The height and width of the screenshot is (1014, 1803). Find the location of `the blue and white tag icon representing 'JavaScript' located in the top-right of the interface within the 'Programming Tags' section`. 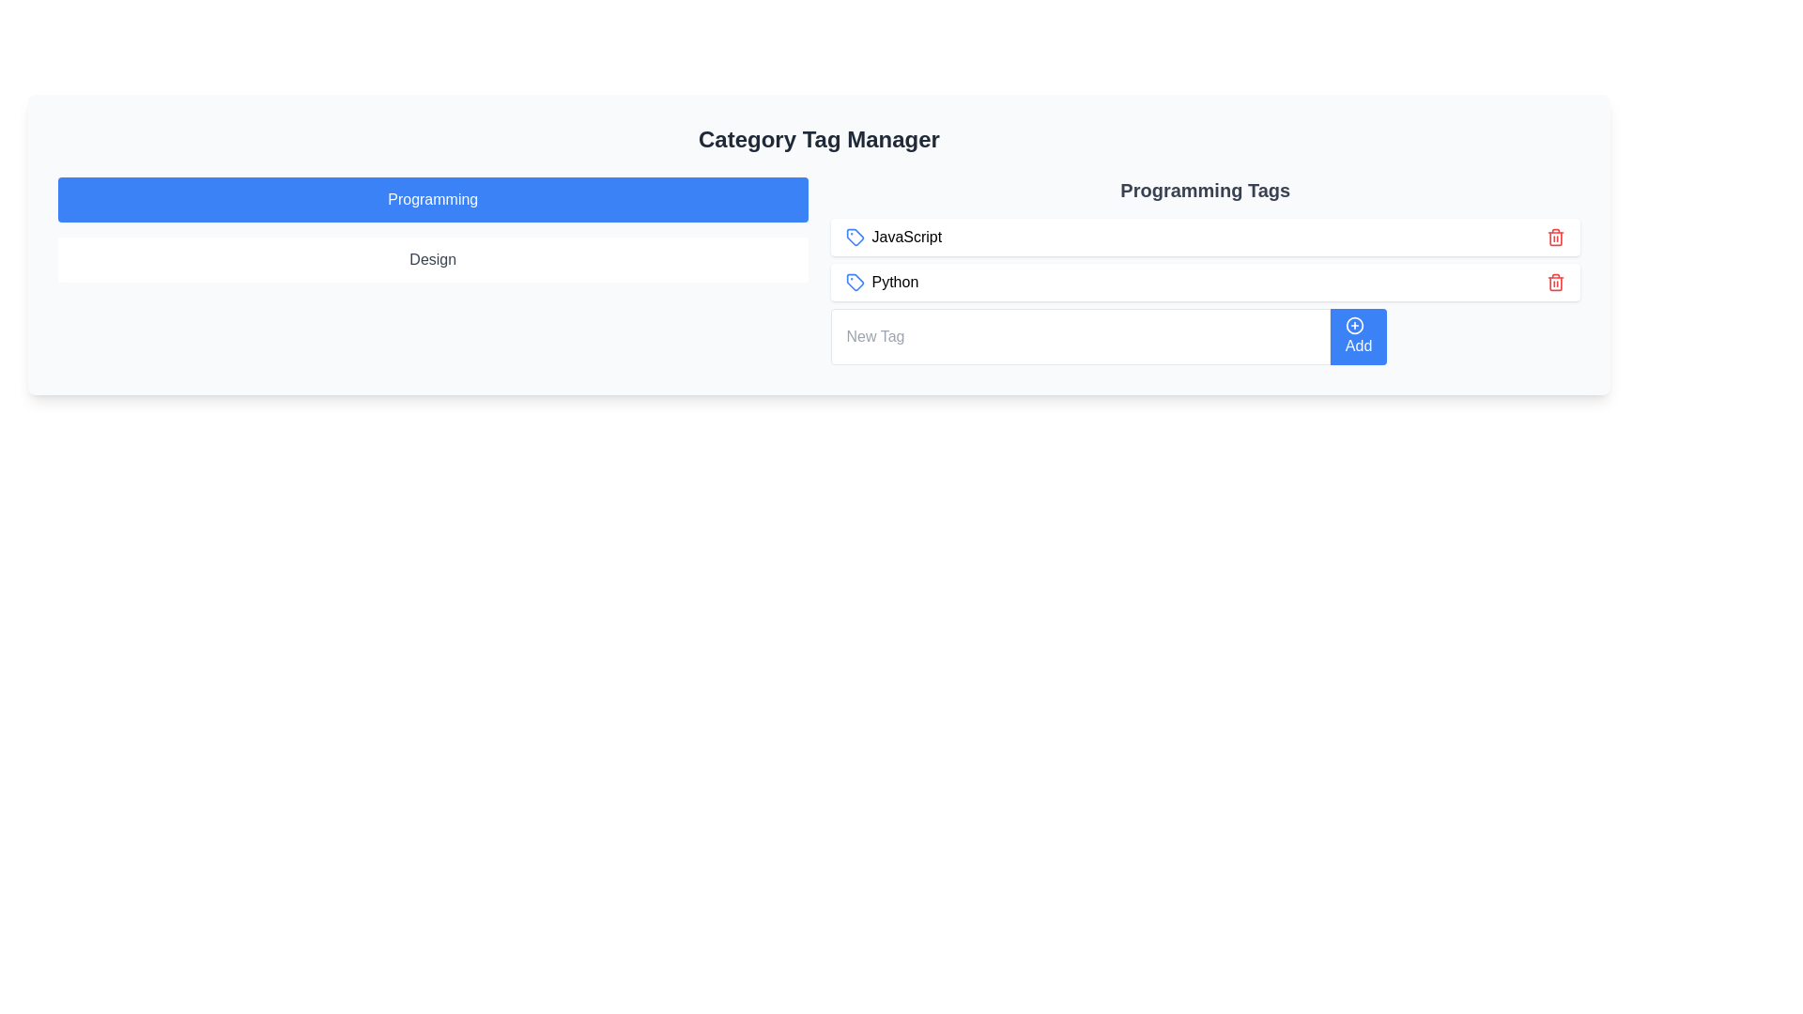

the blue and white tag icon representing 'JavaScript' located in the top-right of the interface within the 'Programming Tags' section is located at coordinates (854, 237).